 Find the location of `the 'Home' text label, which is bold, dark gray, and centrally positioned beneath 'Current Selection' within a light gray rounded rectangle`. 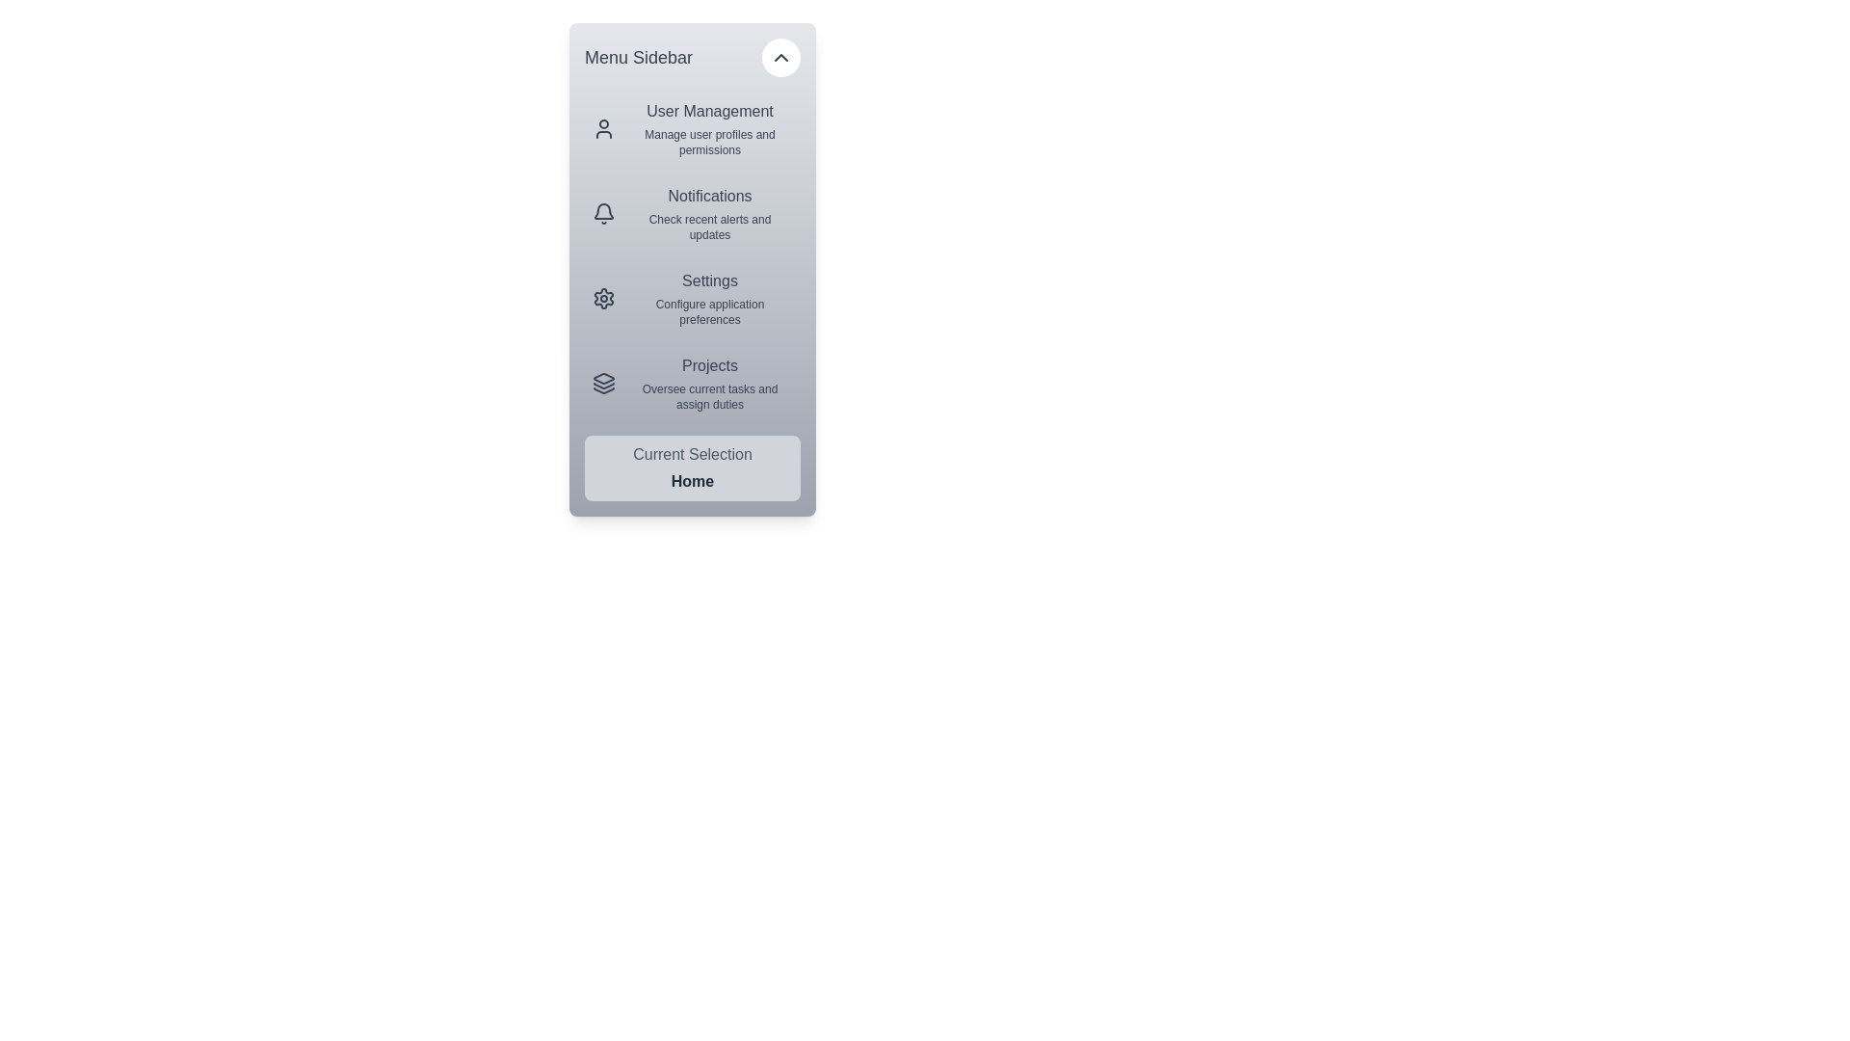

the 'Home' text label, which is bold, dark gray, and centrally positioned beneath 'Current Selection' within a light gray rounded rectangle is located at coordinates (693, 481).